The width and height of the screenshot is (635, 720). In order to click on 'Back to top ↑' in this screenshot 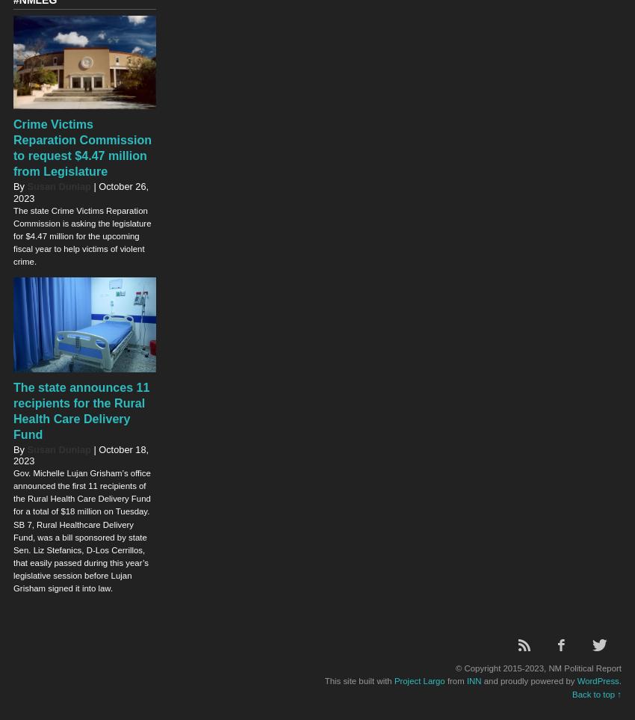, I will do `click(596, 694)`.